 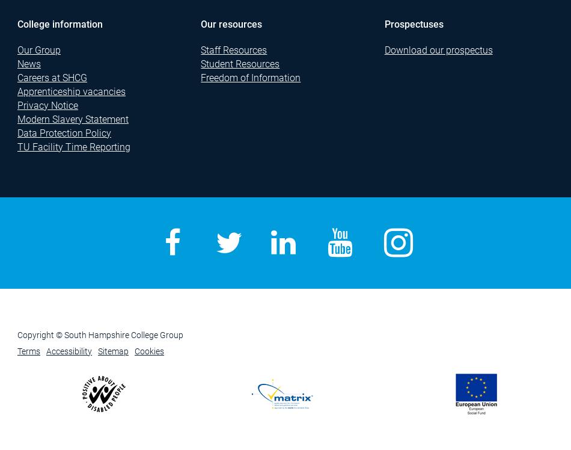 I want to click on 'Sitemap', so click(x=113, y=351).